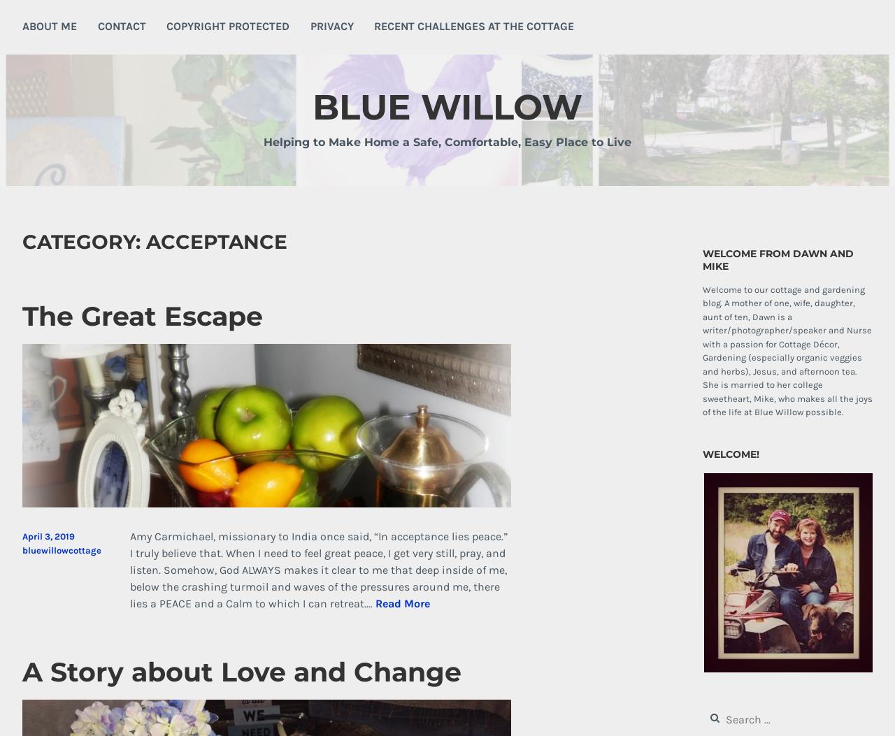 The width and height of the screenshot is (895, 736). Describe the element at coordinates (228, 25) in the screenshot. I see `'Copyright Protected'` at that location.